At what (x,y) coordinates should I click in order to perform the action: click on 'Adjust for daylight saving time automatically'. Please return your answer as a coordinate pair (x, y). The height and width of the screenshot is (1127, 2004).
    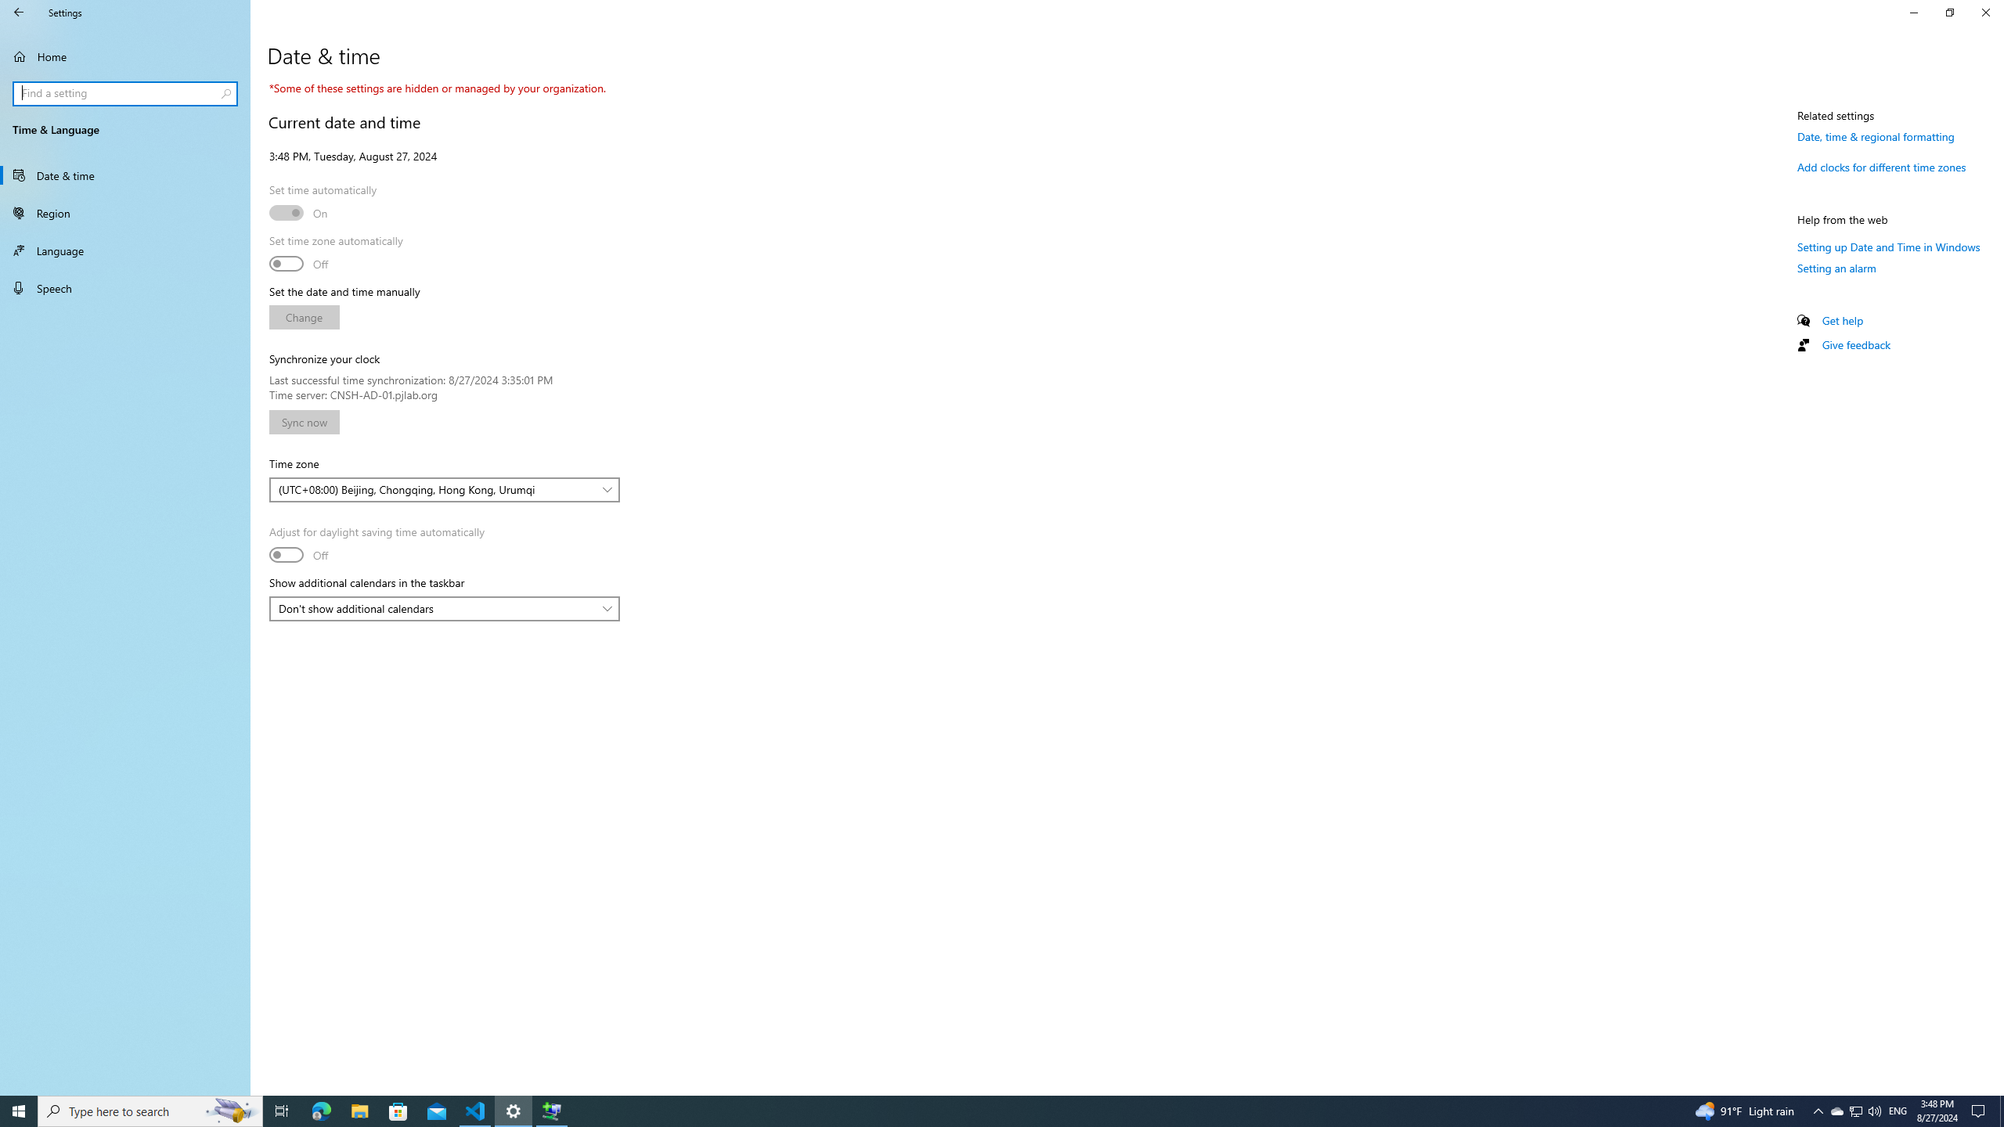
    Looking at the image, I should click on (377, 545).